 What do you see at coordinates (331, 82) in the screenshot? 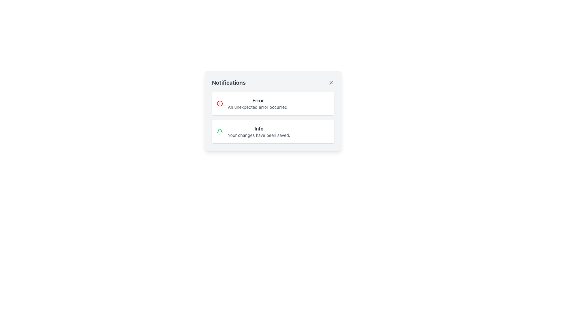
I see `the geometrical cross icon in the top-right corner of the notification panel` at bounding box center [331, 82].